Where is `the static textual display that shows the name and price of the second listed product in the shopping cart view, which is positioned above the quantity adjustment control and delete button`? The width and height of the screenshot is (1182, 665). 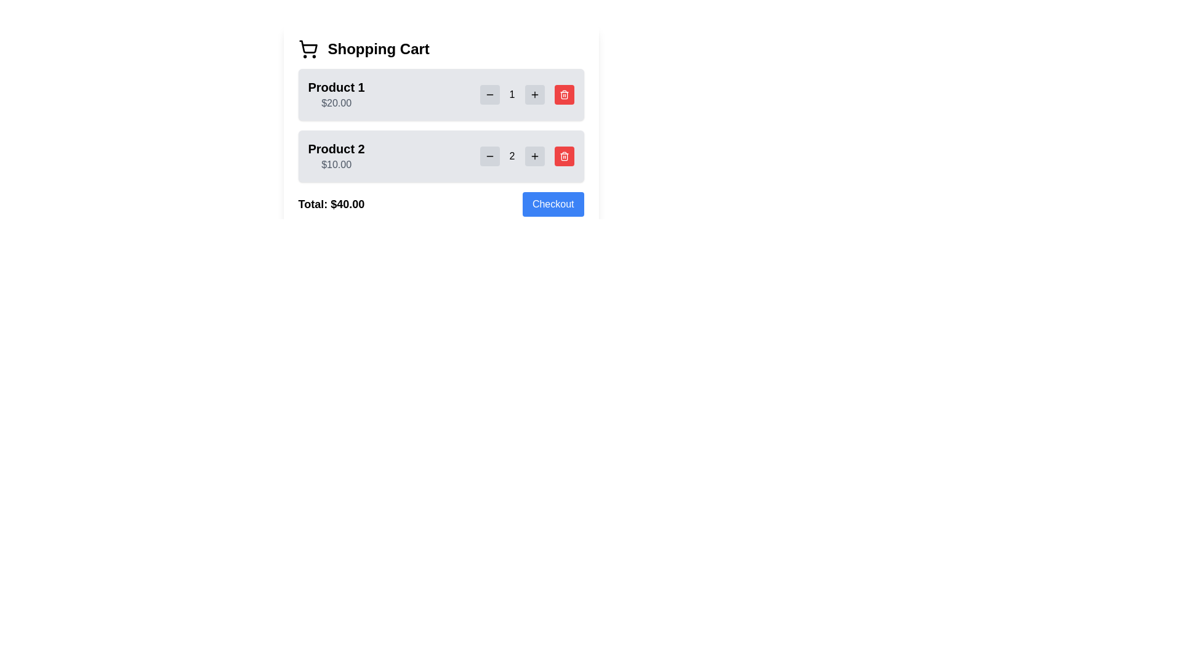
the static textual display that shows the name and price of the second listed product in the shopping cart view, which is positioned above the quantity adjustment control and delete button is located at coordinates (336, 156).